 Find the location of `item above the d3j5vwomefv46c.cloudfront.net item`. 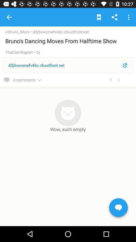

item above the d3j5vwomefv46c.cloudfront.net item is located at coordinates (20, 52).